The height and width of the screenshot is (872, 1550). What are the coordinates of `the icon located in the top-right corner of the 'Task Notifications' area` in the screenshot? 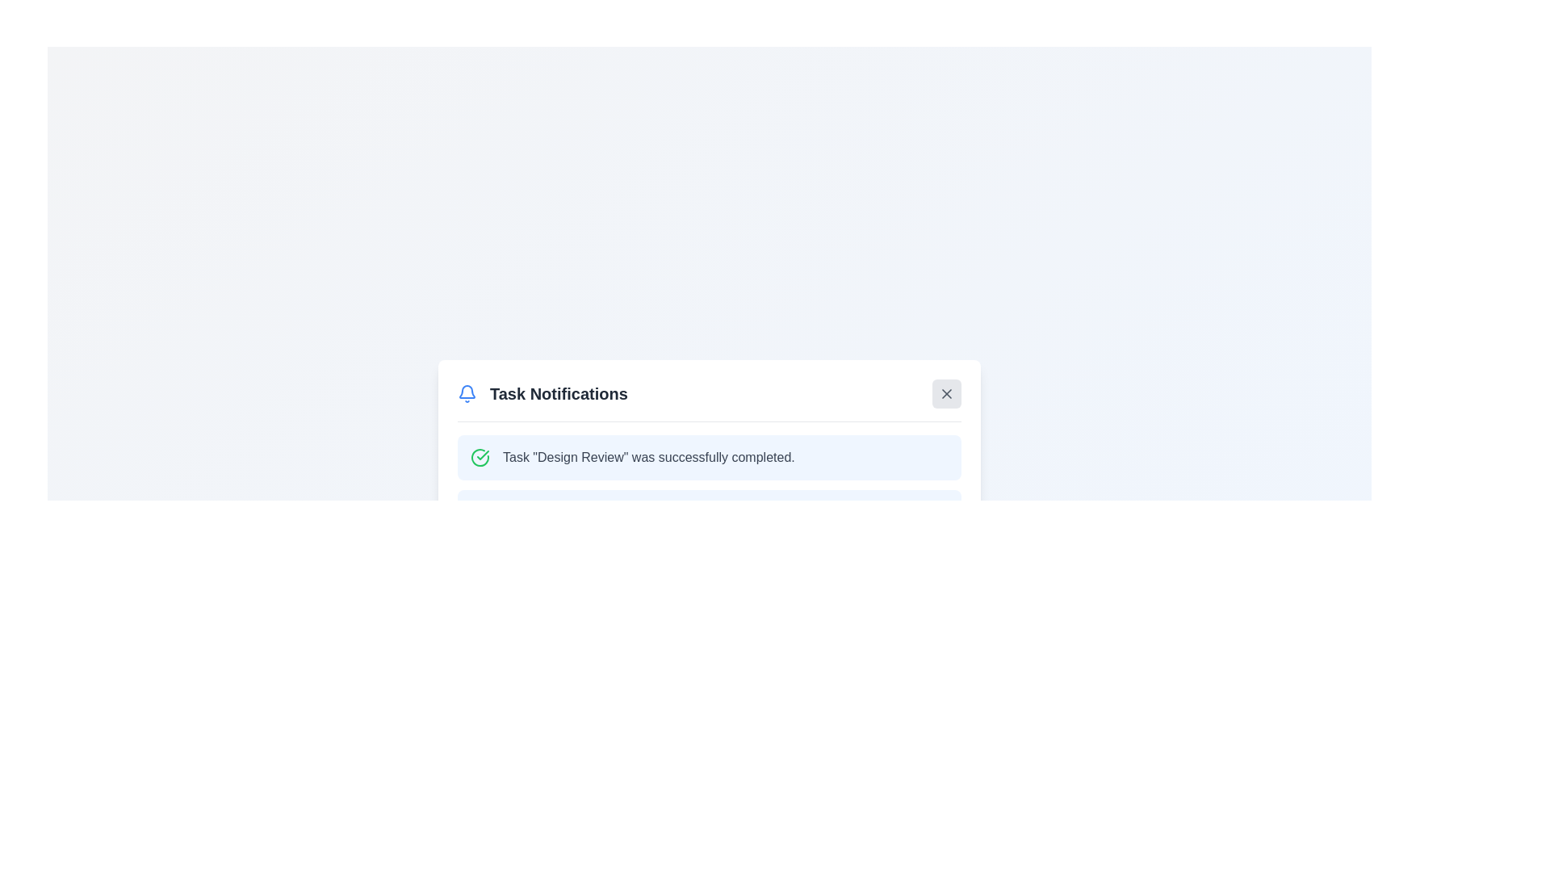 It's located at (946, 392).